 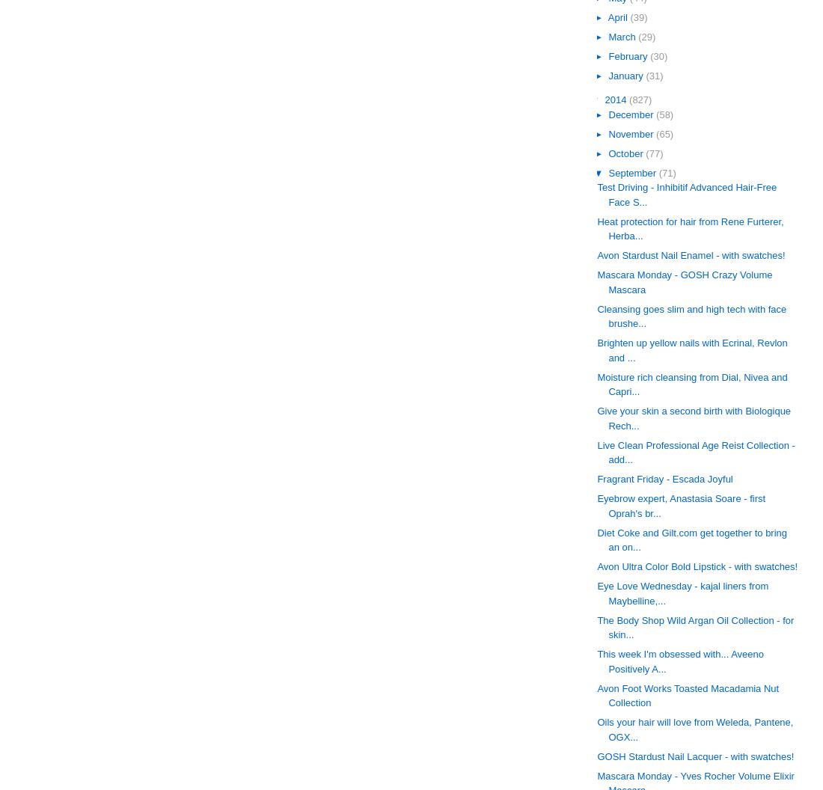 What do you see at coordinates (646, 36) in the screenshot?
I see `'(29)'` at bounding box center [646, 36].